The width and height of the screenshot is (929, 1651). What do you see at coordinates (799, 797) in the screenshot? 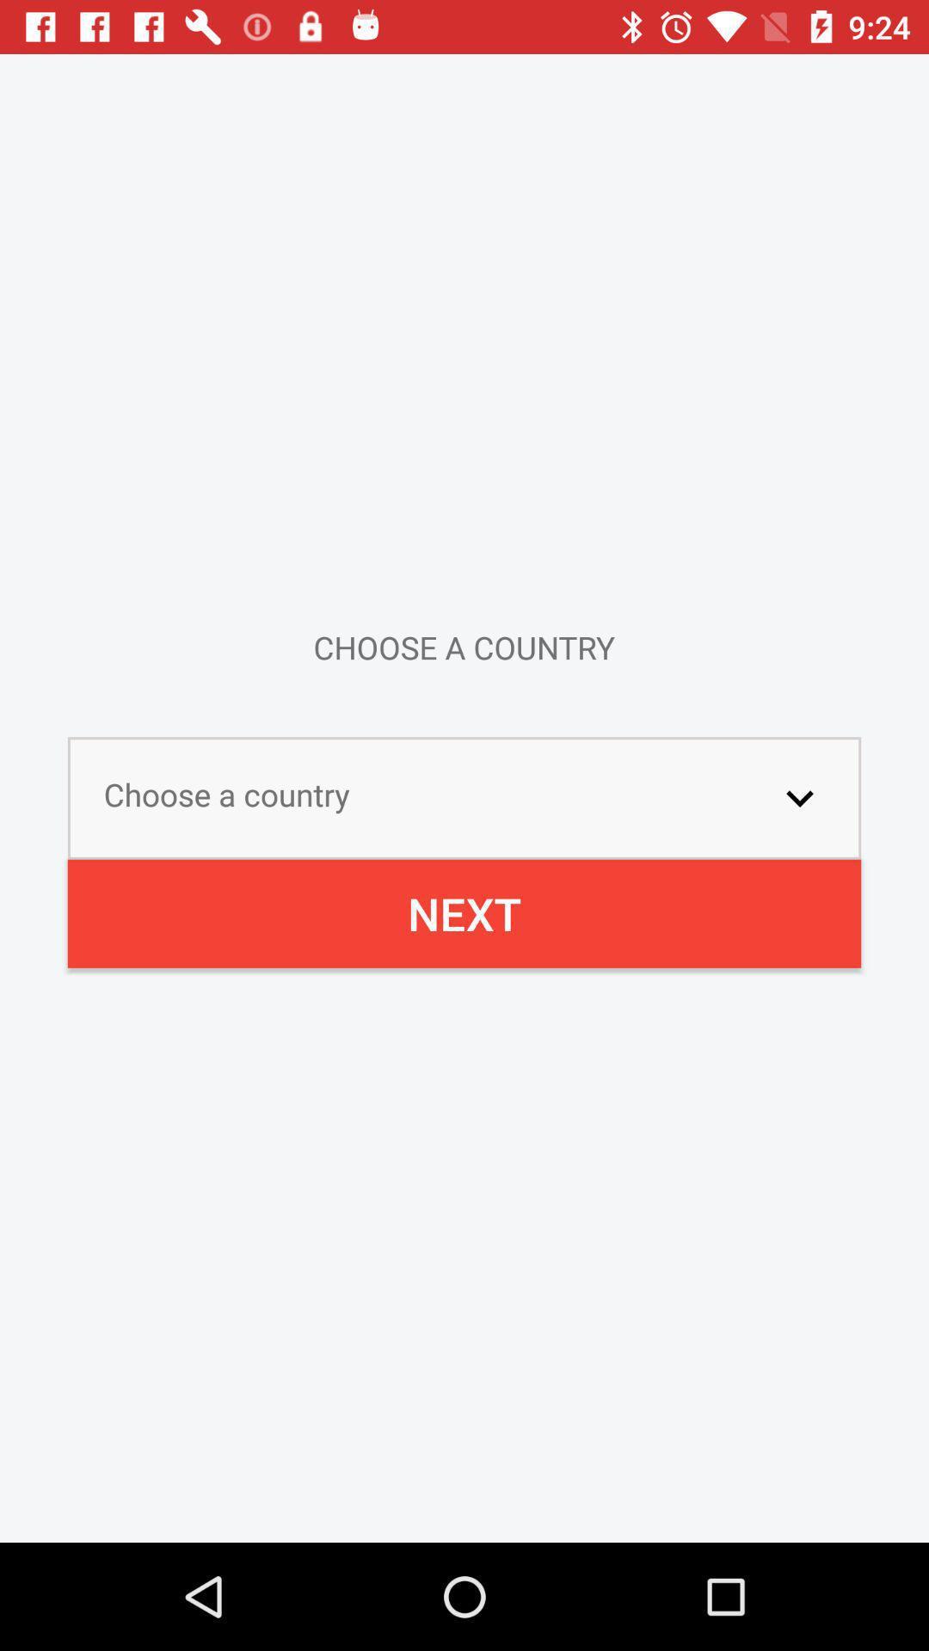
I see `country` at bounding box center [799, 797].